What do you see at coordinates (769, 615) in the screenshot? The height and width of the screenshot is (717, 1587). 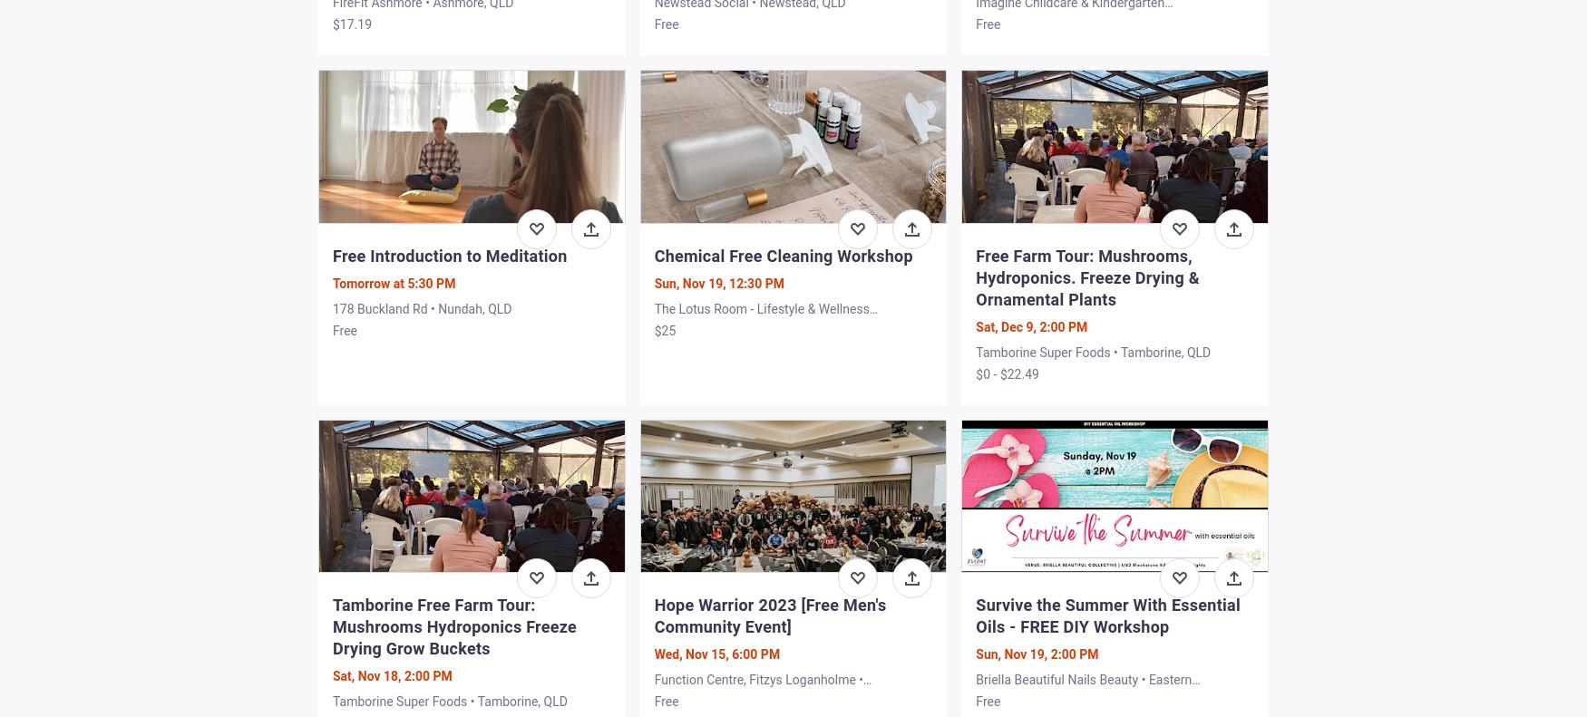 I see `'Hope Warrior 2023 [Free Men's Community Event]'` at bounding box center [769, 615].